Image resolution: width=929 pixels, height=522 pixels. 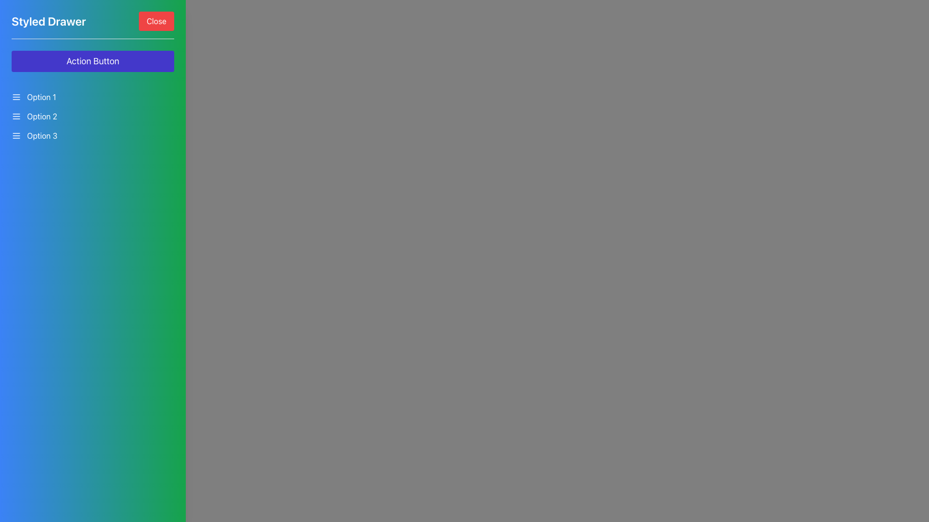 I want to click on the third item in a vertical list of options, so click(x=93, y=136).